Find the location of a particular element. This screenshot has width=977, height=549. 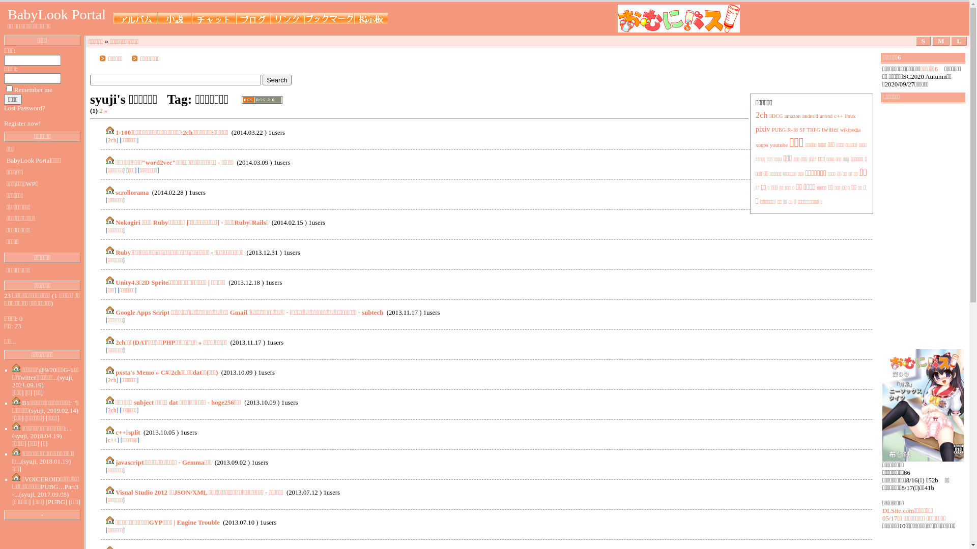

'twitter' is located at coordinates (830, 129).